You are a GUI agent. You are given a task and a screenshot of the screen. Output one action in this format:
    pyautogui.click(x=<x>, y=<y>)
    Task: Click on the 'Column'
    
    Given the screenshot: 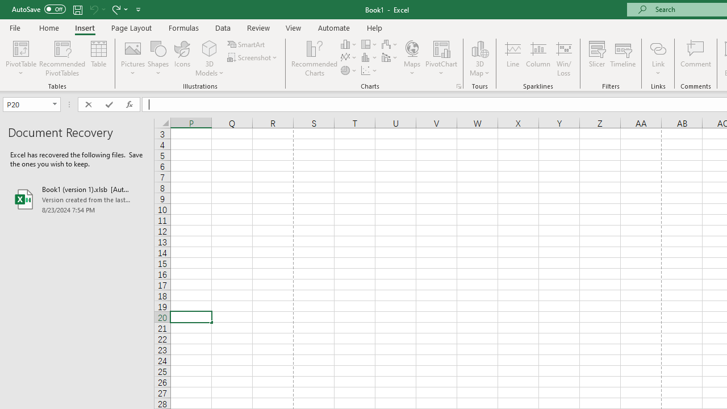 What is the action you would take?
    pyautogui.click(x=537, y=59)
    